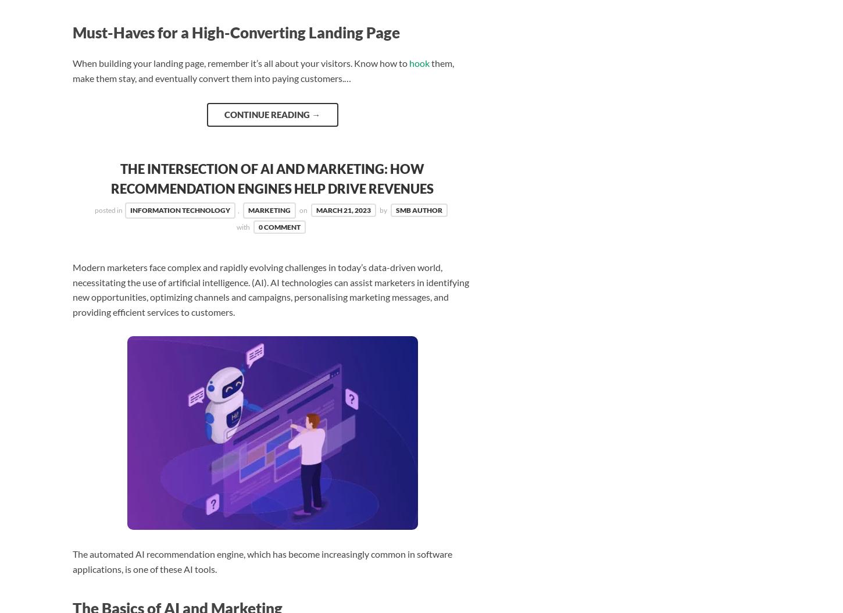 Image resolution: width=843 pixels, height=613 pixels. I want to click on 'March 21, 2023', so click(344, 210).